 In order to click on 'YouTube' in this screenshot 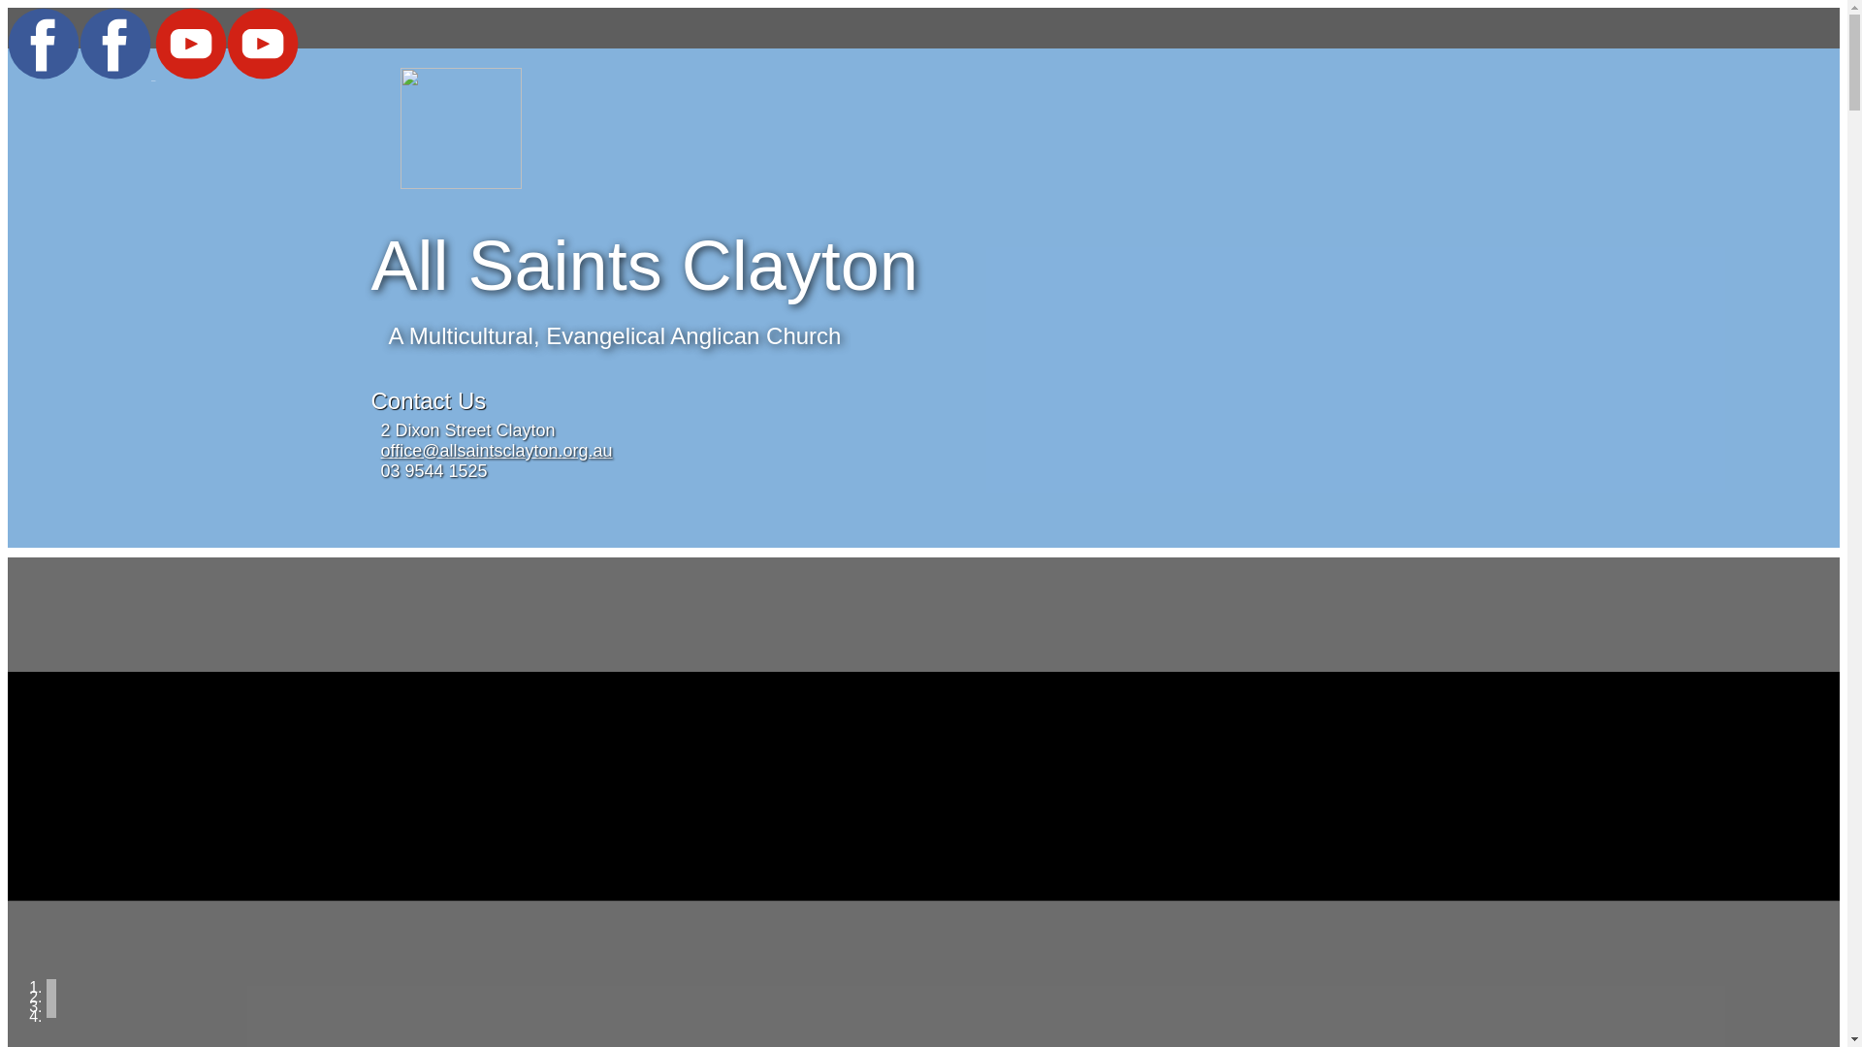, I will do `click(227, 73)`.